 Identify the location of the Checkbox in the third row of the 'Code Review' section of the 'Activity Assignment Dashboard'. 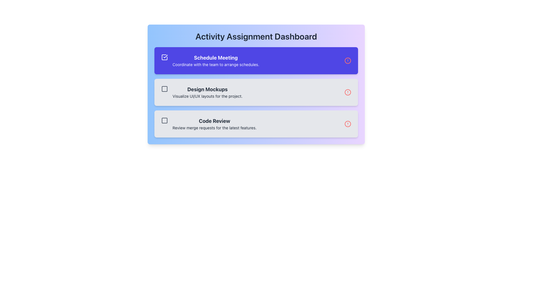
(164, 120).